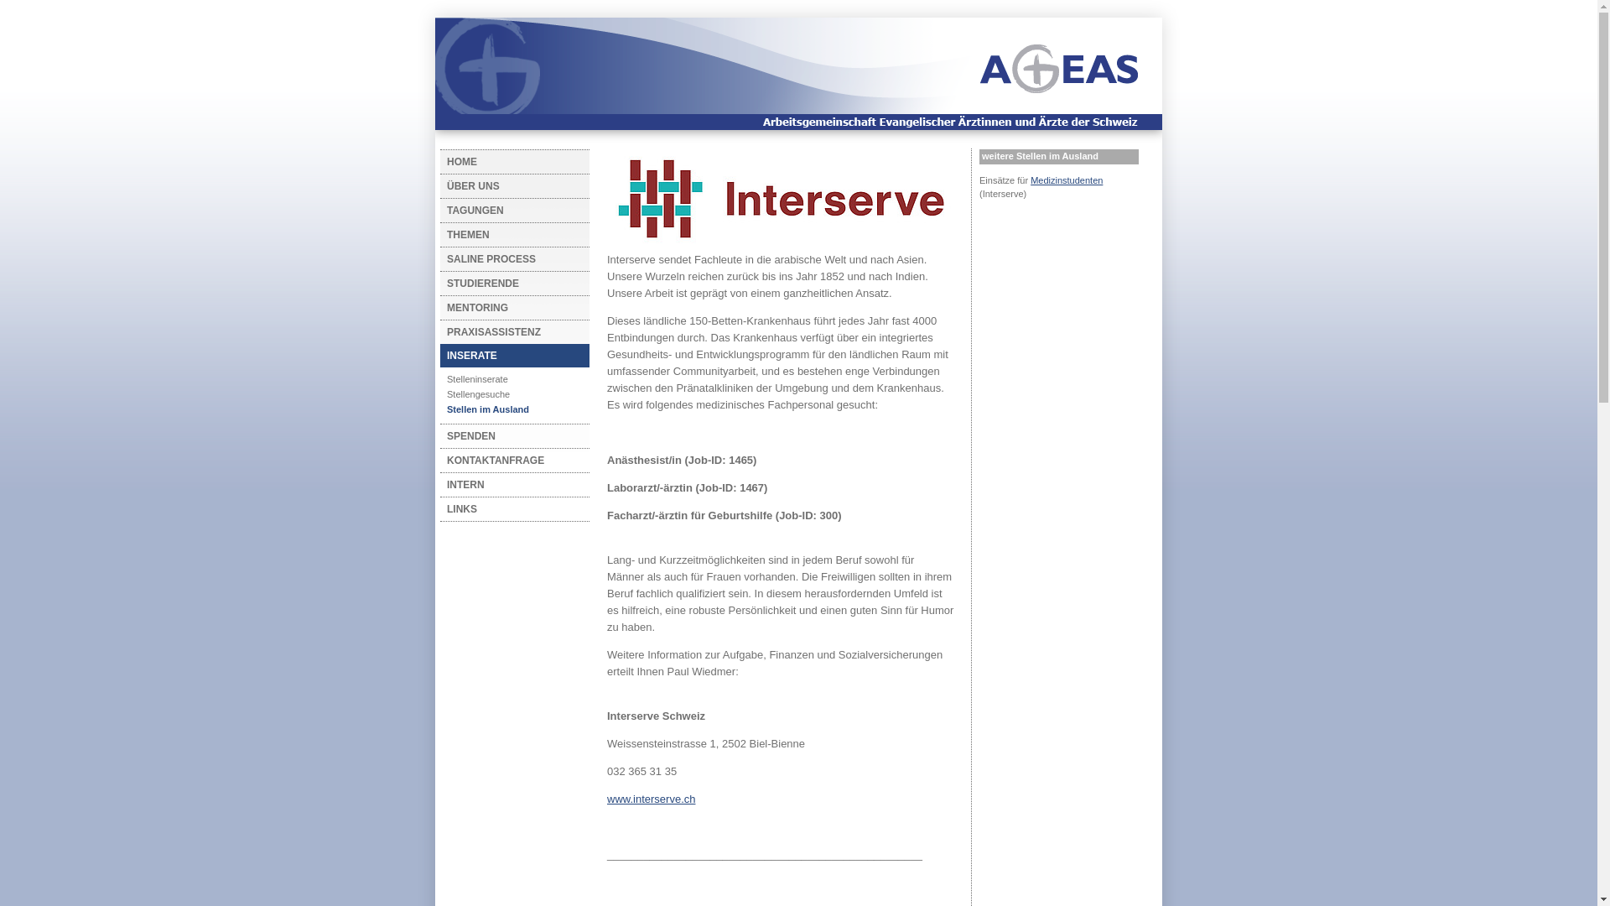 The image size is (1610, 906). What do you see at coordinates (508, 394) in the screenshot?
I see `'Stellengesuche'` at bounding box center [508, 394].